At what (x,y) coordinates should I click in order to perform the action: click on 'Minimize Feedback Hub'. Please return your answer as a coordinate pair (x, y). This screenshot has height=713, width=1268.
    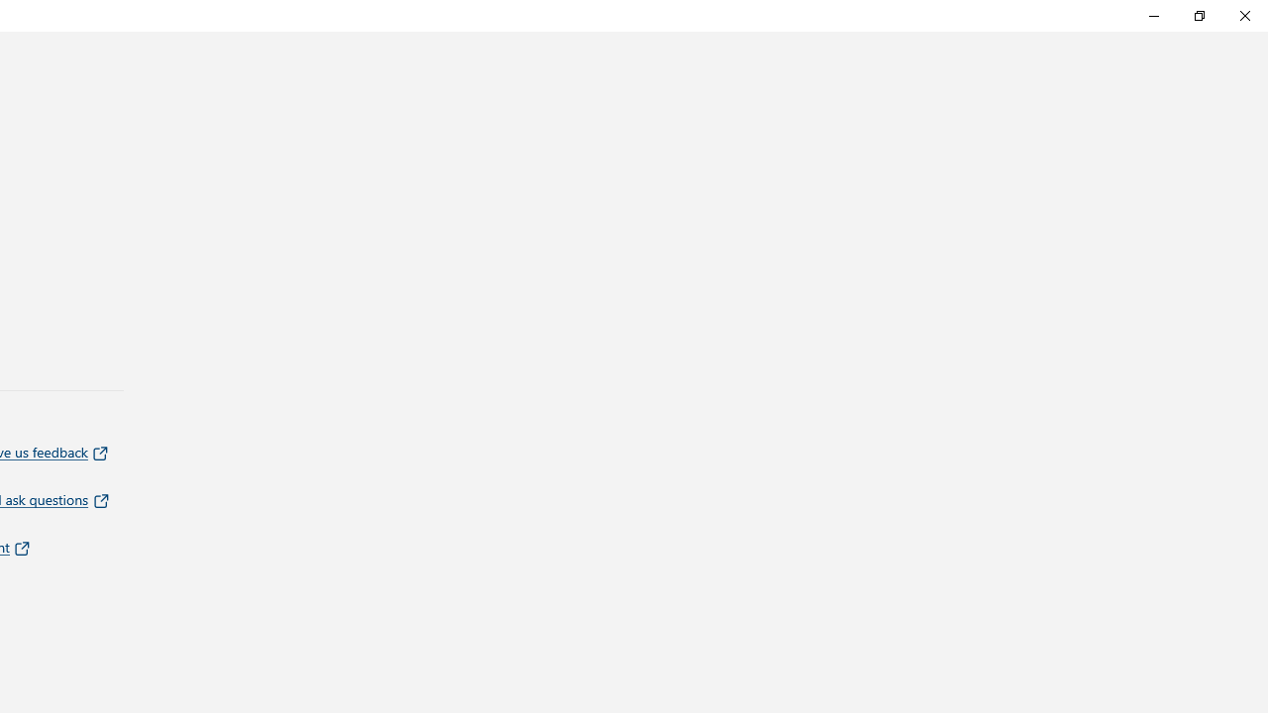
    Looking at the image, I should click on (1153, 15).